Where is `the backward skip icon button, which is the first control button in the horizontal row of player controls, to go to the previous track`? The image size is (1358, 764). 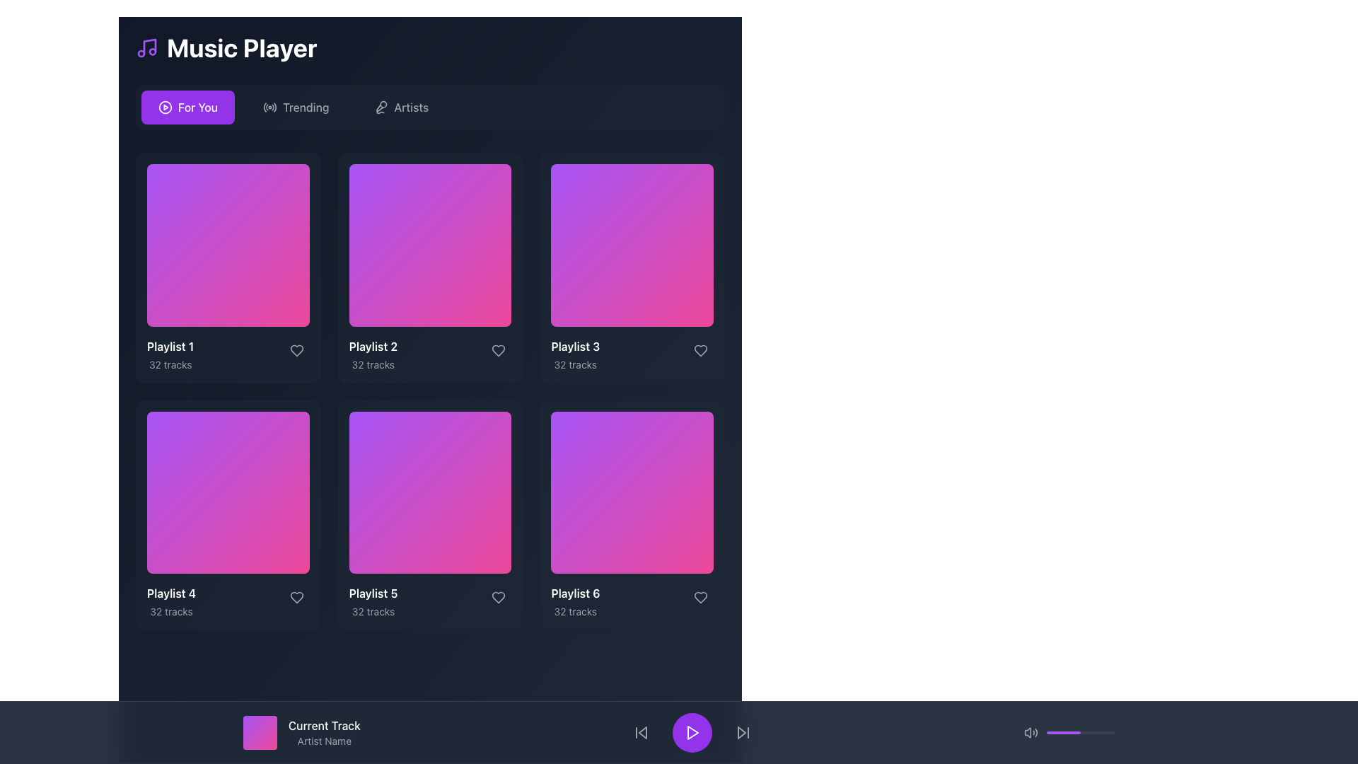 the backward skip icon button, which is the first control button in the horizontal row of player controls, to go to the previous track is located at coordinates (640, 732).